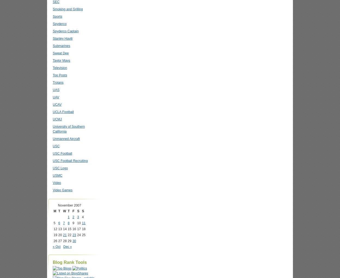 This screenshot has width=340, height=278. What do you see at coordinates (70, 262) in the screenshot?
I see `'Blog Rank Tools'` at bounding box center [70, 262].